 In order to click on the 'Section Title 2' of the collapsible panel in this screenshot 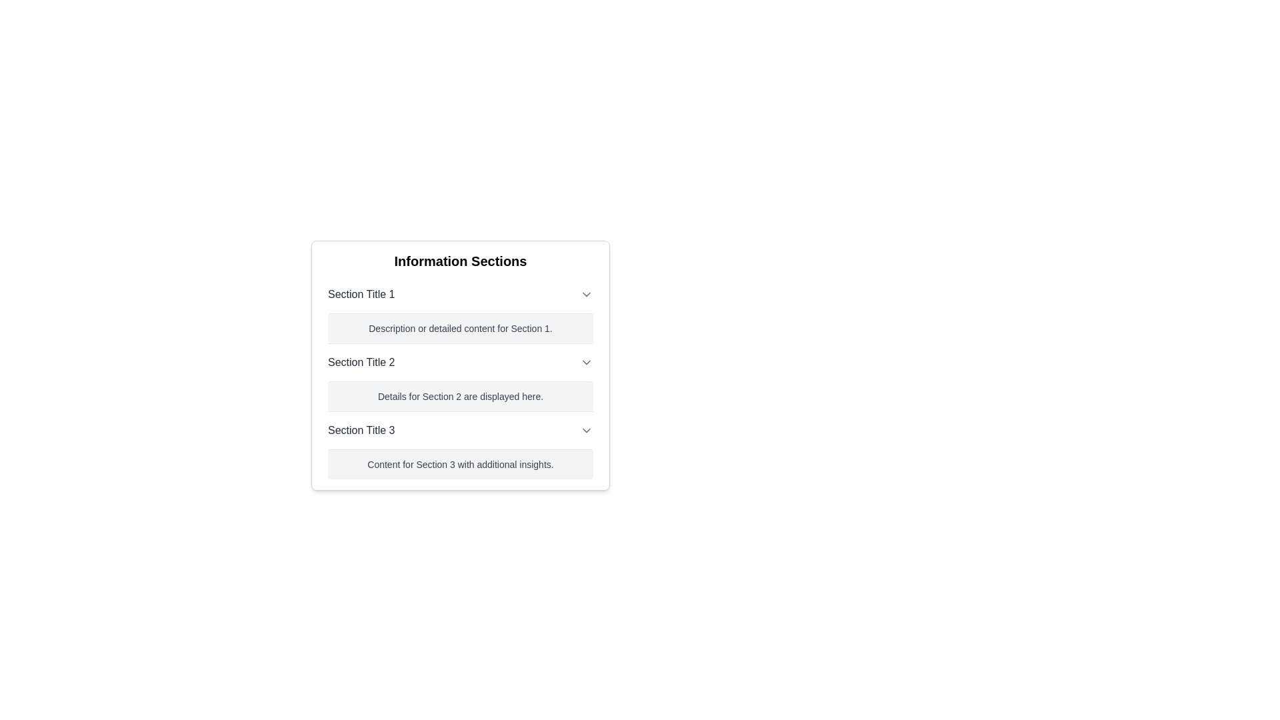, I will do `click(461, 377)`.